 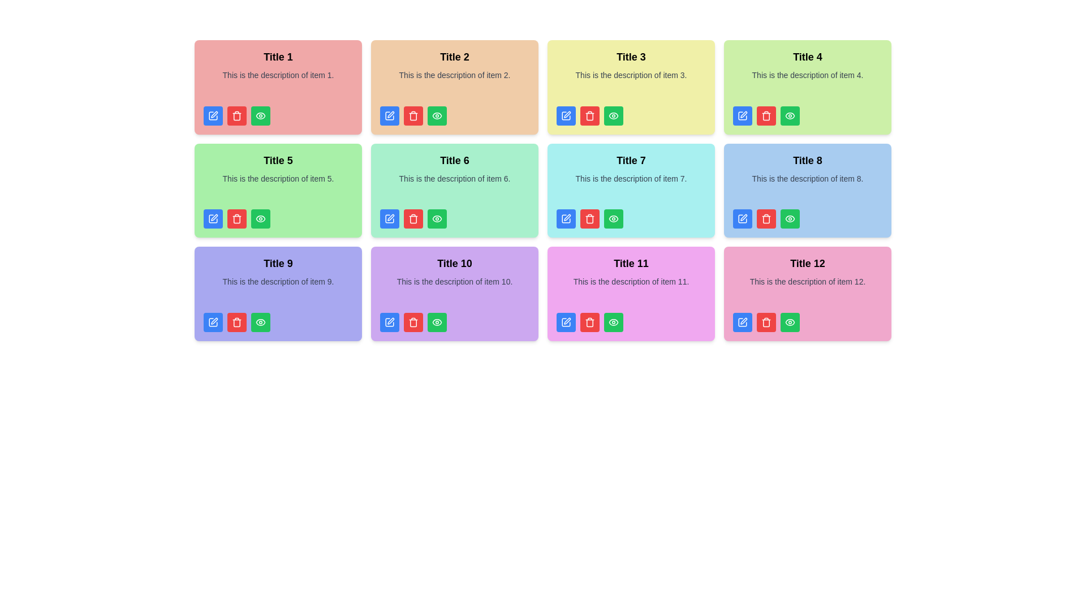 I want to click on the trash icon nested in a red rounded rectangular delete button, which is located adjacent to a blue pencil-icon button on the left and a green eye-icon button on the right, positioned below the title and description in each card, so click(x=412, y=115).